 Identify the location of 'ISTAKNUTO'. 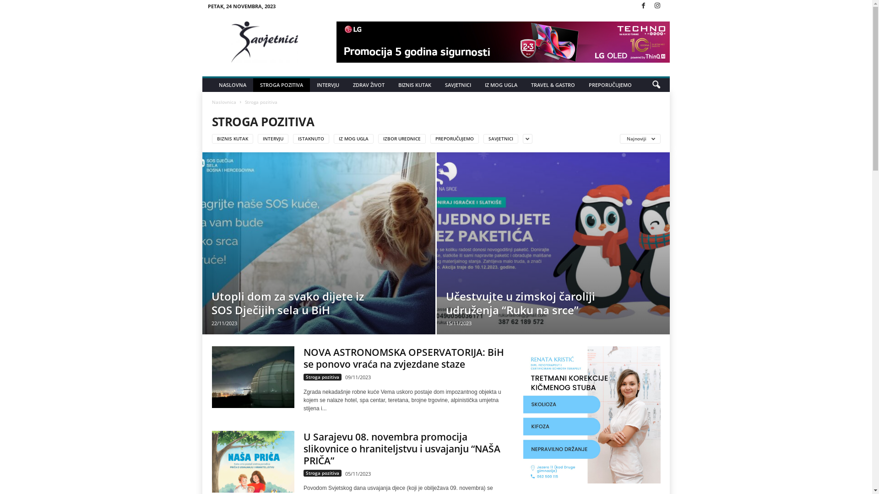
(311, 138).